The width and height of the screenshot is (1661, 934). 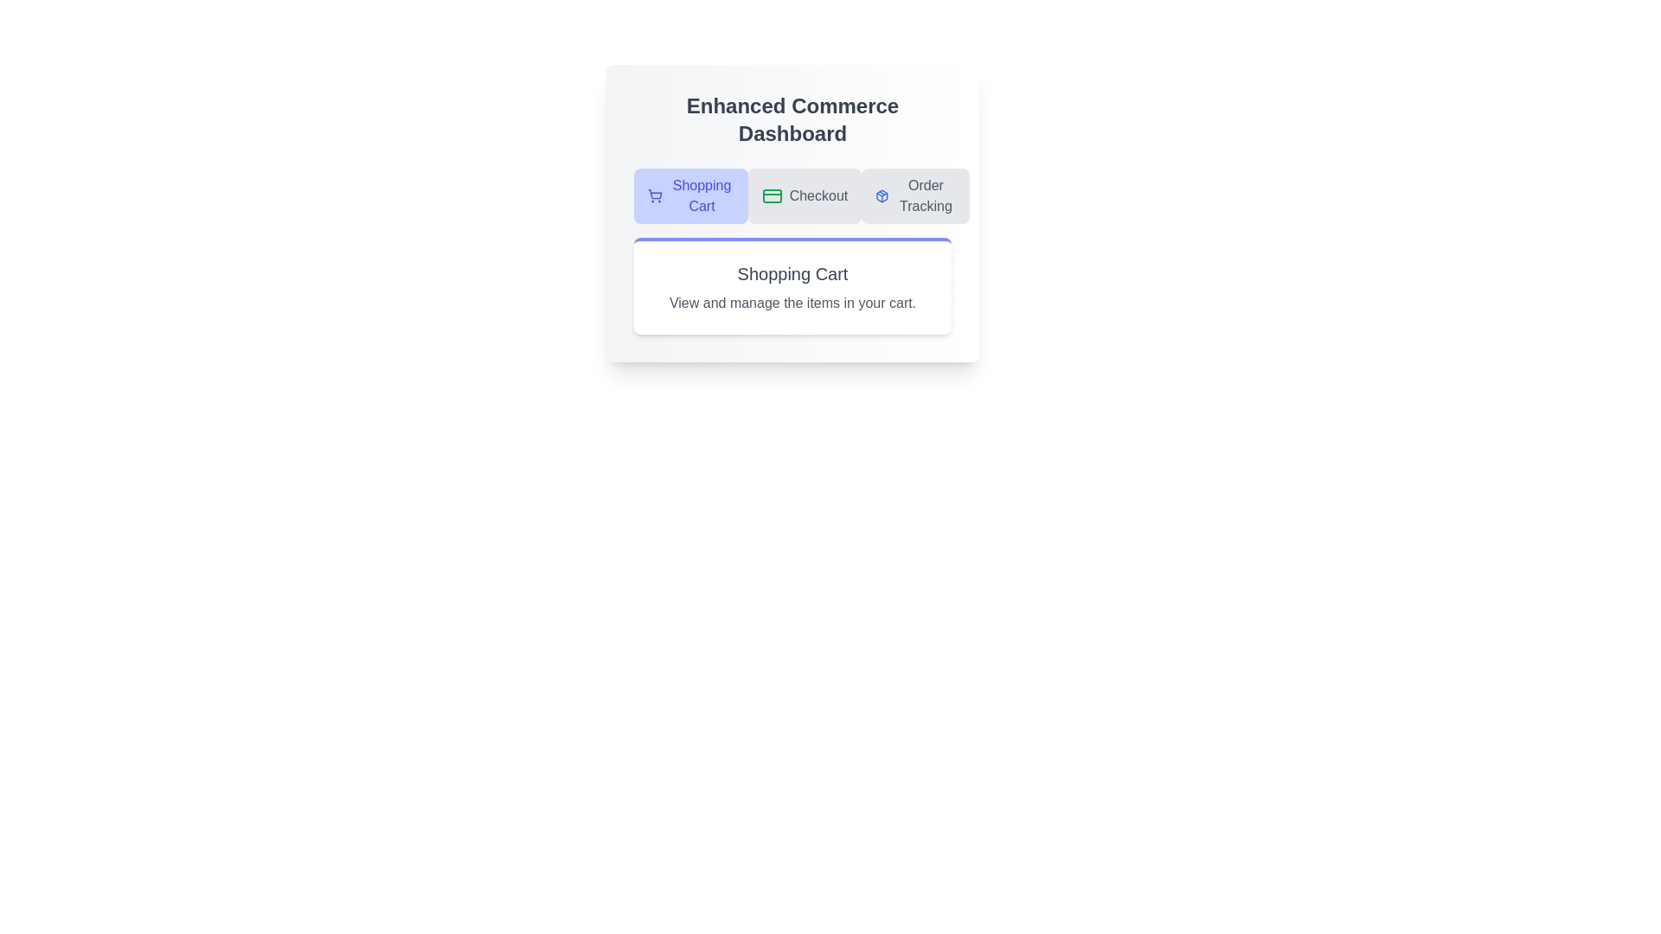 What do you see at coordinates (654, 195) in the screenshot?
I see `the icon for the Shopping Cart tab` at bounding box center [654, 195].